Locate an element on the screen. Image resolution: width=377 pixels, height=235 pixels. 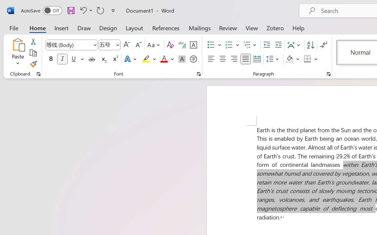
'Cut' is located at coordinates (33, 41).